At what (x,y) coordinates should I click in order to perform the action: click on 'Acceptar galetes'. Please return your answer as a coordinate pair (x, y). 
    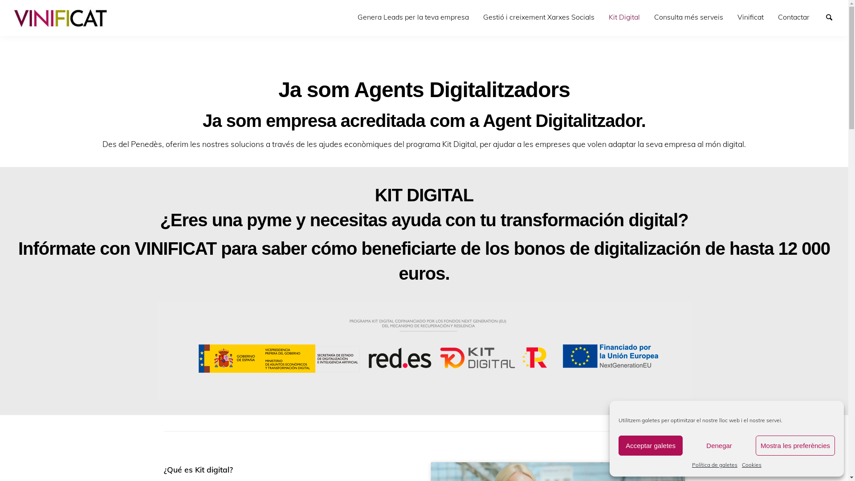
    Looking at the image, I should click on (650, 445).